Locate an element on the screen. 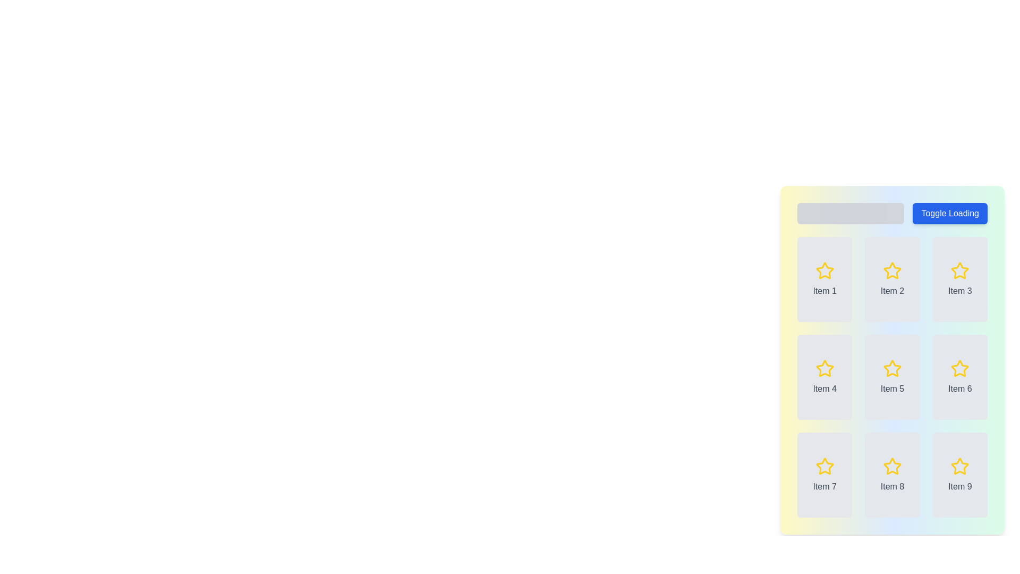 This screenshot has height=574, width=1020. the text label below the first card in the grid layout that describes 'Item 1' with a star icon is located at coordinates (824, 291).